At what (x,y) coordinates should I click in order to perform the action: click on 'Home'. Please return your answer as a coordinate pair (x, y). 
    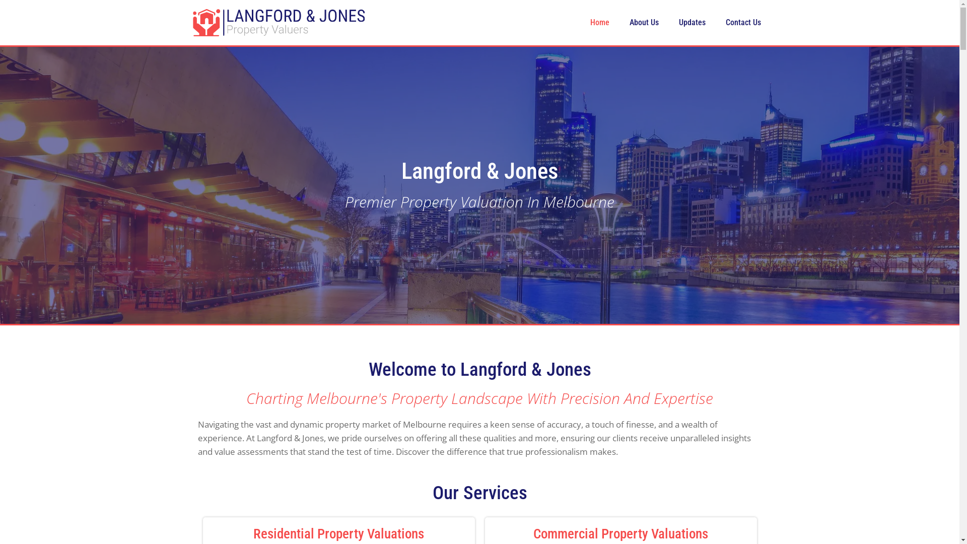
    Looking at the image, I should click on (599, 23).